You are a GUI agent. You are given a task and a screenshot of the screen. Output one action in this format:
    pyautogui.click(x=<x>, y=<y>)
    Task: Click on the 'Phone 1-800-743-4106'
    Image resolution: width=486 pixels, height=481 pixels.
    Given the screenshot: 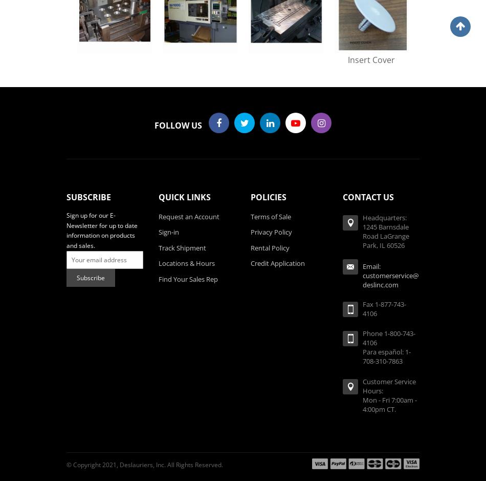 What is the action you would take?
    pyautogui.click(x=388, y=338)
    